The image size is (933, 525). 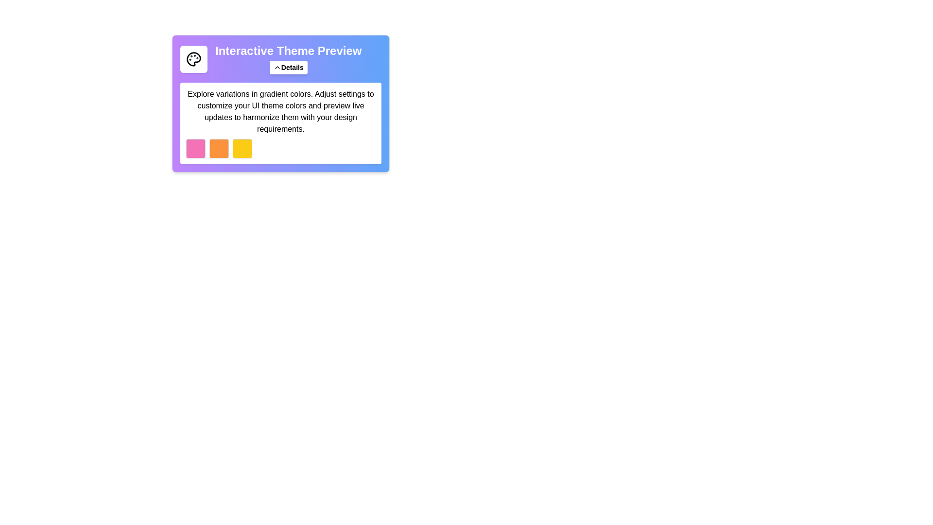 What do you see at coordinates (193, 58) in the screenshot?
I see `the decorative icon located near the top-left corner of the 'Interactive Theme Preview' heading to enhance the visual experience of the interface` at bounding box center [193, 58].